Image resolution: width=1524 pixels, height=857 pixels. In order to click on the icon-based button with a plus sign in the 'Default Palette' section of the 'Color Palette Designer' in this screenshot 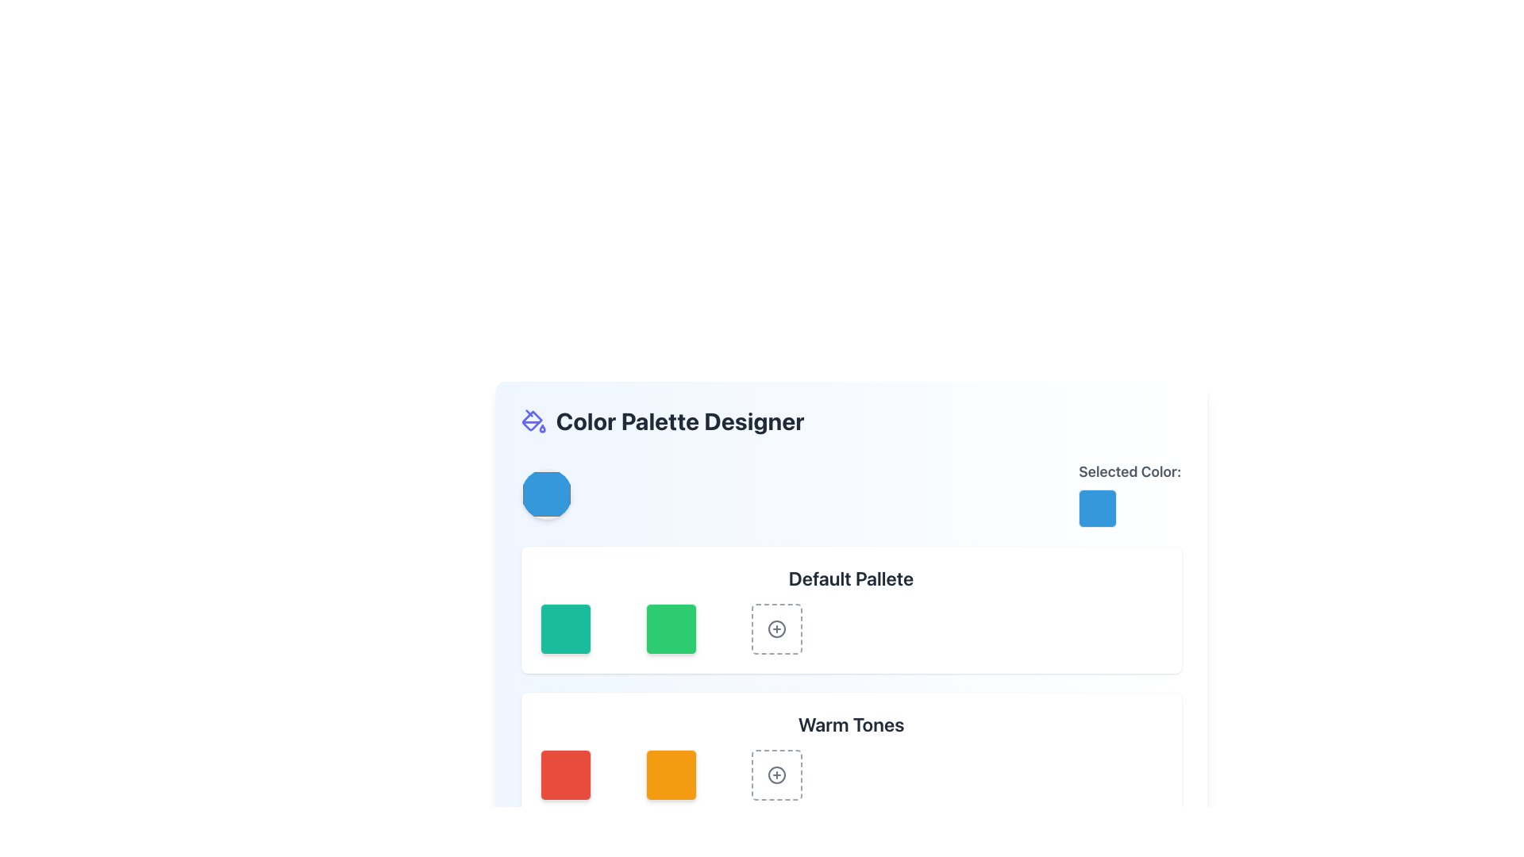, I will do `click(777, 774)`.